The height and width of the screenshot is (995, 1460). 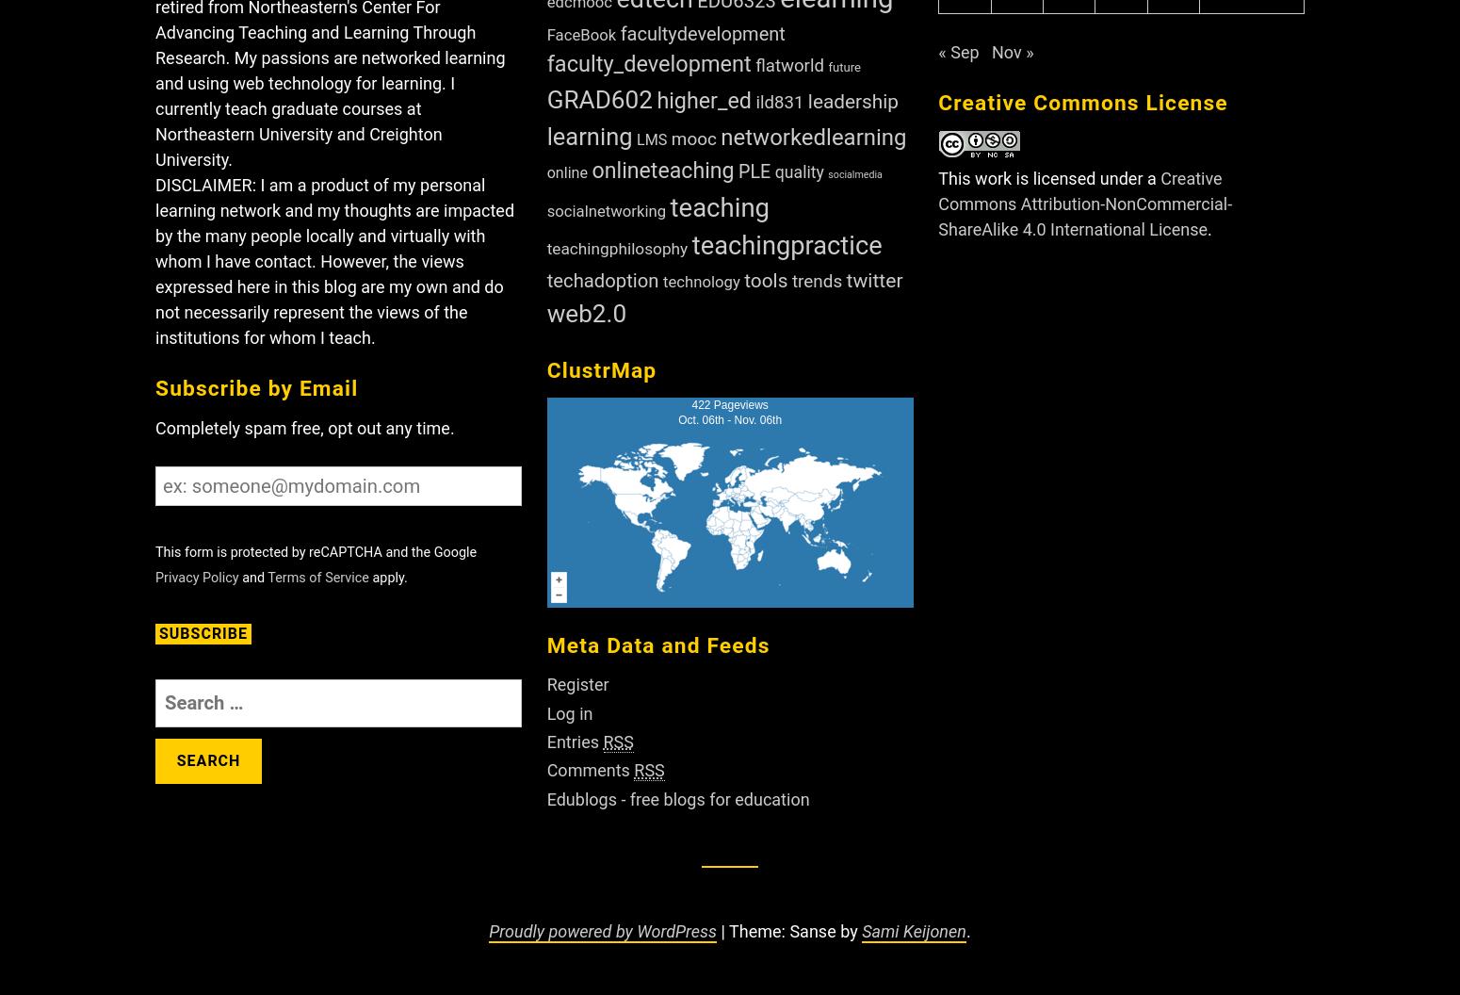 What do you see at coordinates (1047, 177) in the screenshot?
I see `'This work is licensed under a'` at bounding box center [1047, 177].